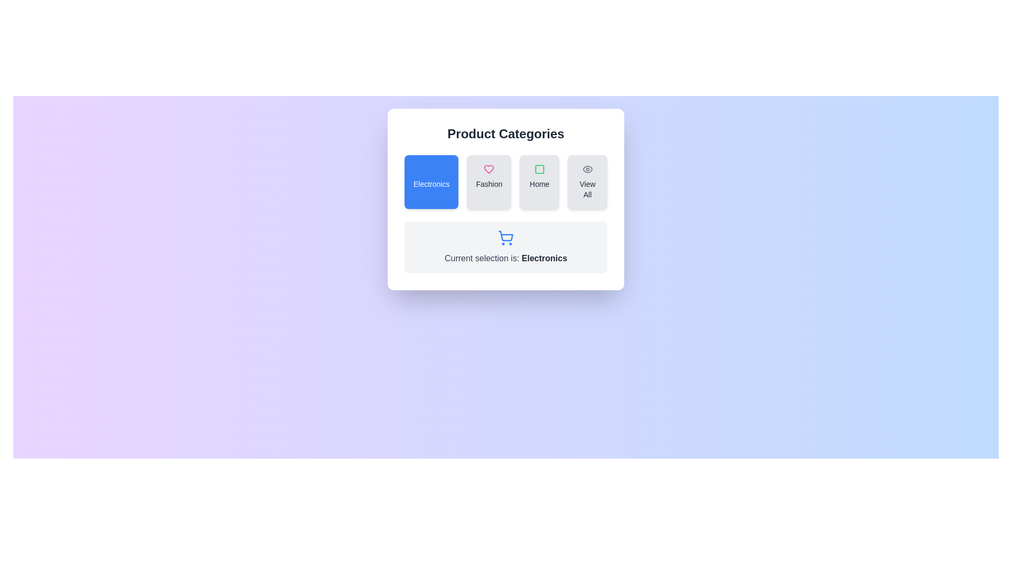  What do you see at coordinates (539, 168) in the screenshot?
I see `the 'Home' category icon located in the third card from the left within the 'Product Categories' panel` at bounding box center [539, 168].